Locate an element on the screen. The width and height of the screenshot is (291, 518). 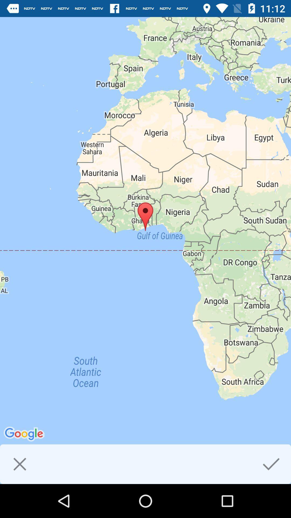
the item at the center is located at coordinates (145, 250).